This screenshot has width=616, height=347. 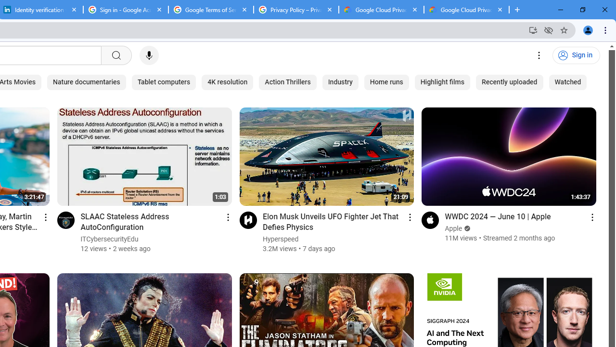 I want to click on 'Action Thrillers', so click(x=287, y=82).